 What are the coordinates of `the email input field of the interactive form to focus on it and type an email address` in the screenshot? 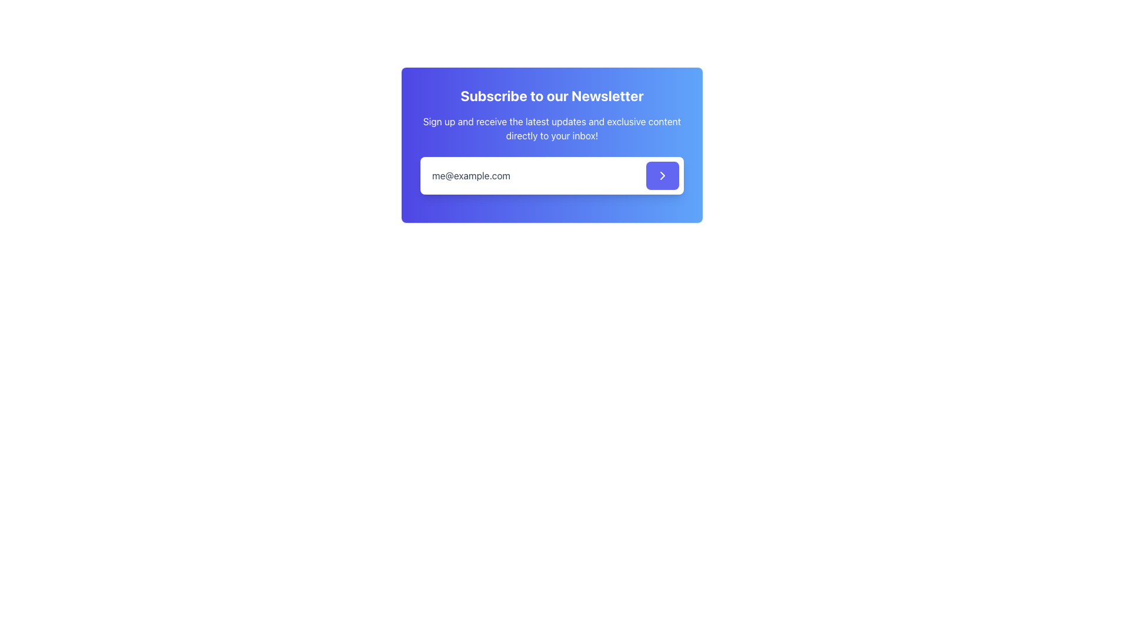 It's located at (552, 176).